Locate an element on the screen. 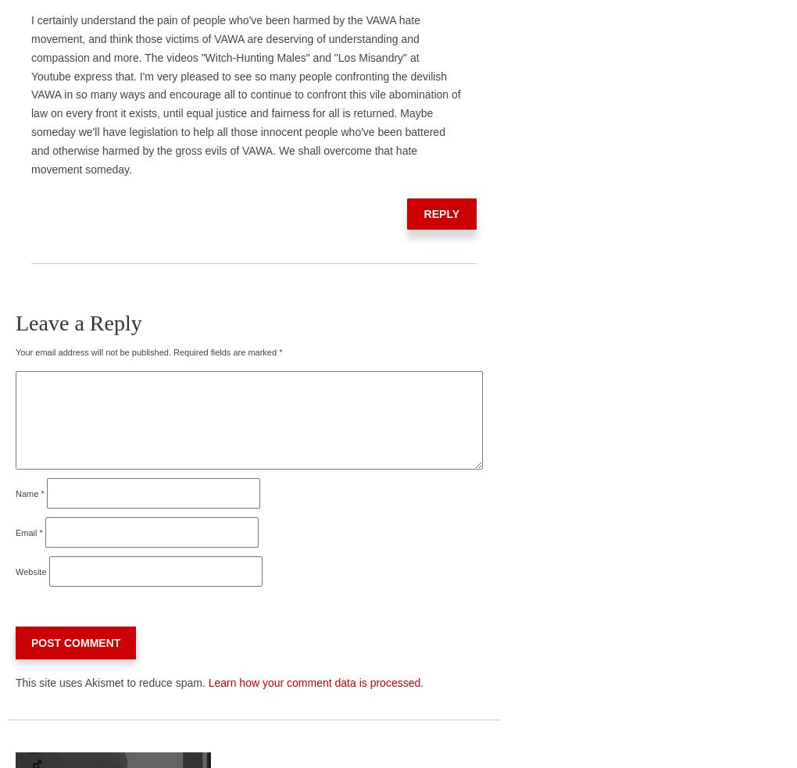 This screenshot has height=768, width=797. '.' is located at coordinates (420, 682).